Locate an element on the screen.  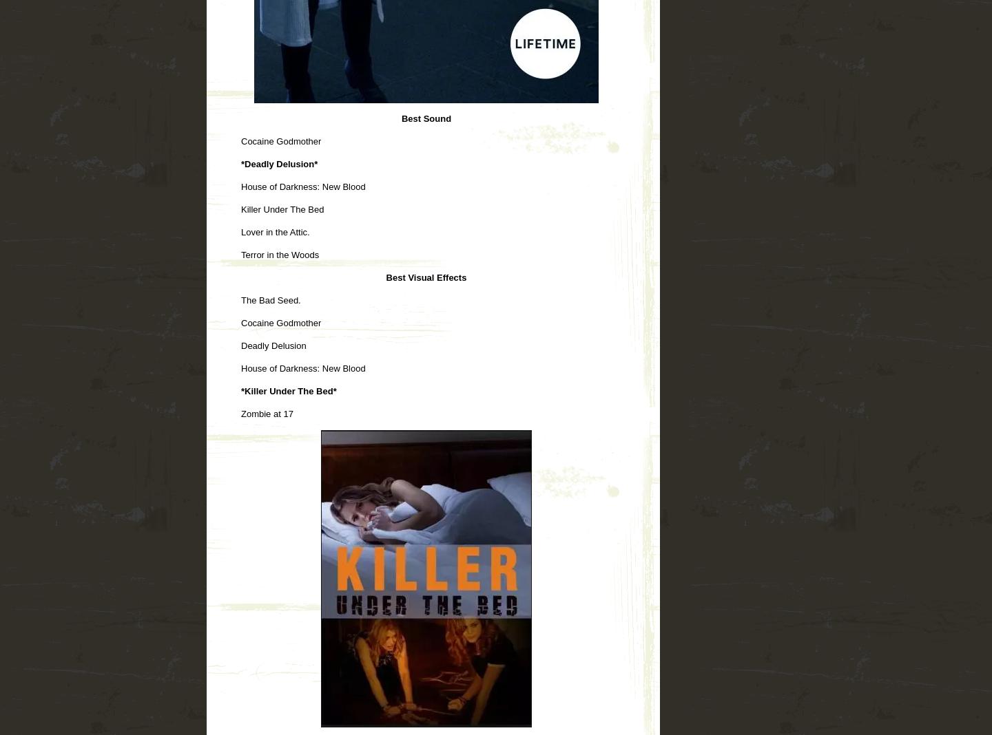
'Terror in the Woods' is located at coordinates (241, 253).